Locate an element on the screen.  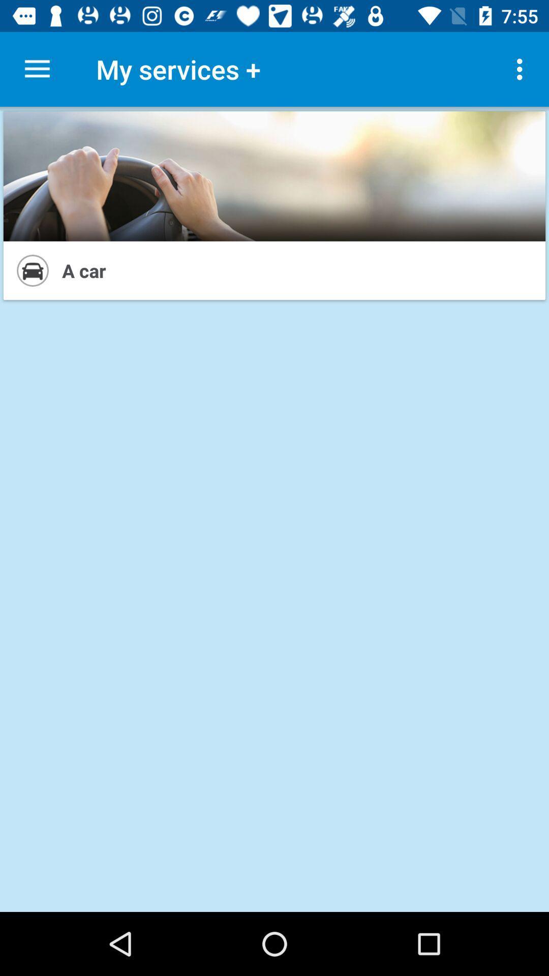
item next to my services + item is located at coordinates (522, 69).